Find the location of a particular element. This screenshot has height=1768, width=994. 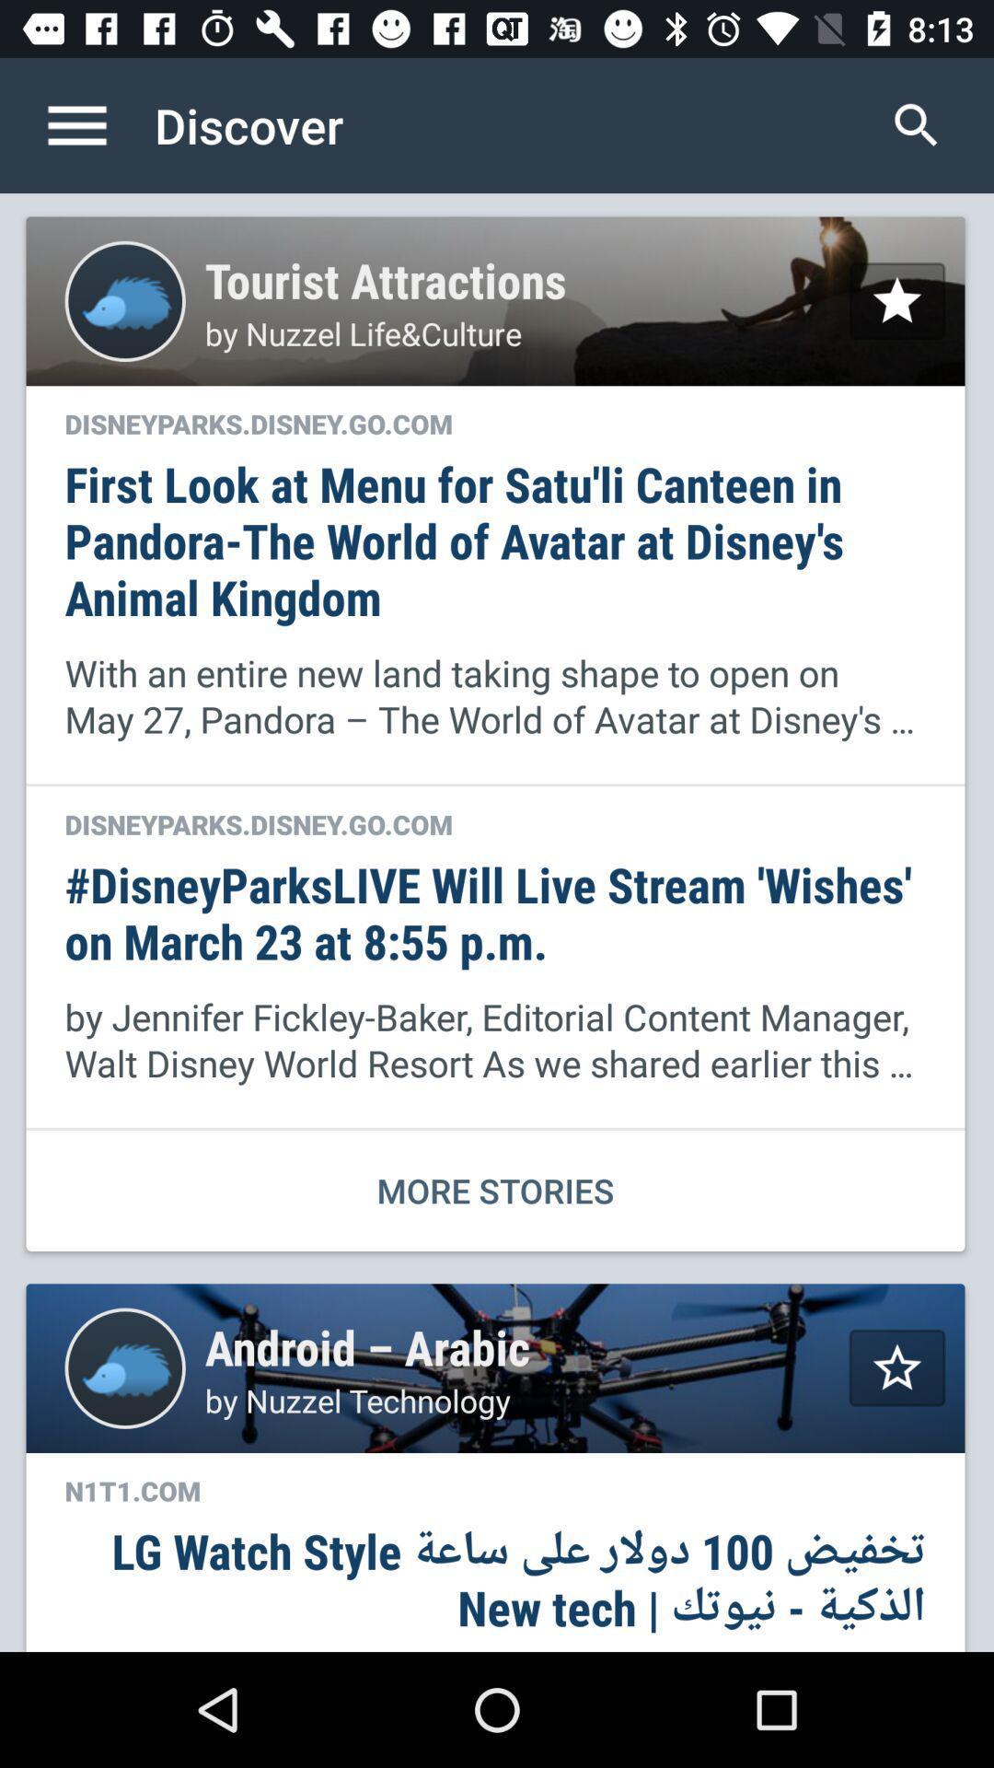

icon to the right of the discover icon is located at coordinates (916, 124).